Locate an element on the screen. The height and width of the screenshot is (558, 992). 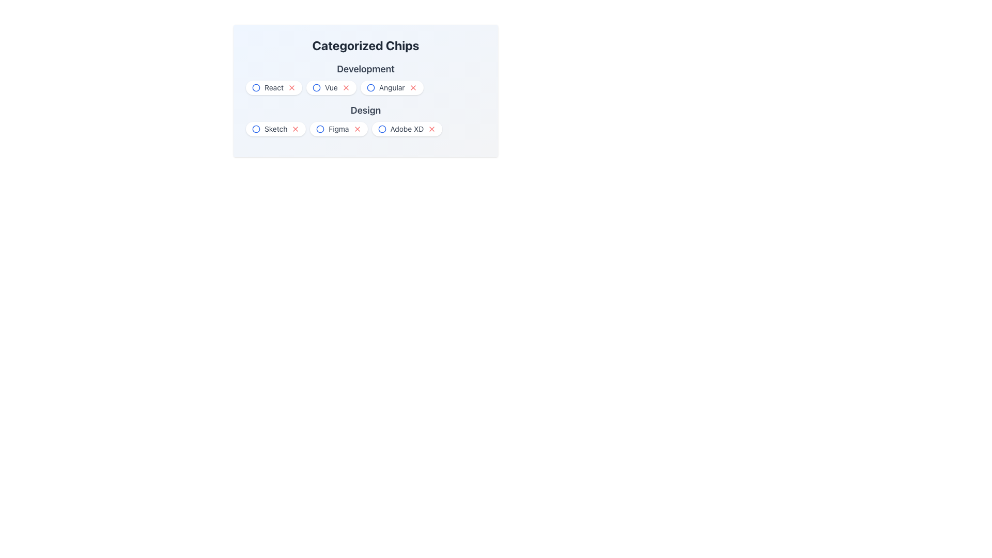
the third tag or category chip in the 'Development' section, which has a small red cross indicating it can be selected is located at coordinates (366, 90).